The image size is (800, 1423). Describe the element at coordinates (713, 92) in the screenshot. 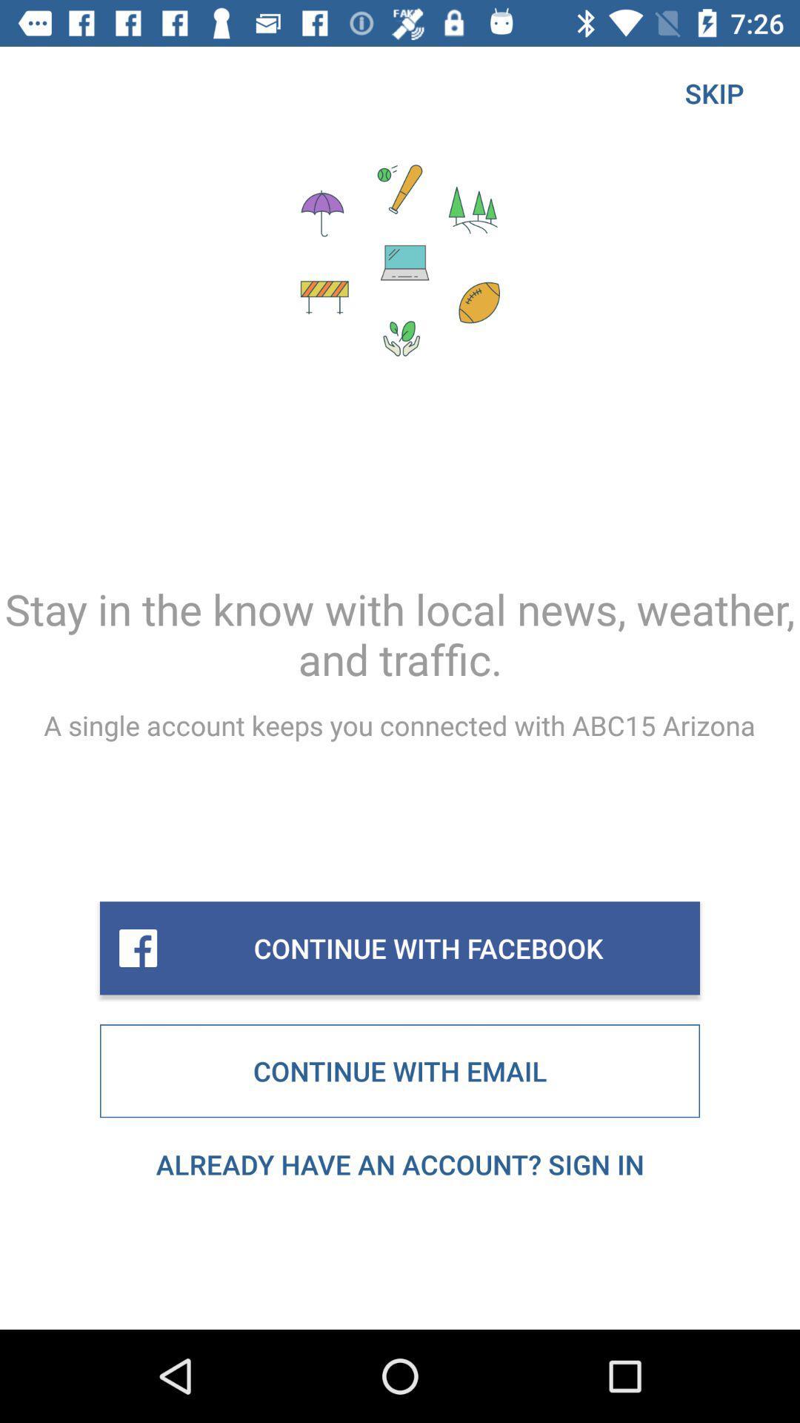

I see `icon above the stay in the icon` at that location.